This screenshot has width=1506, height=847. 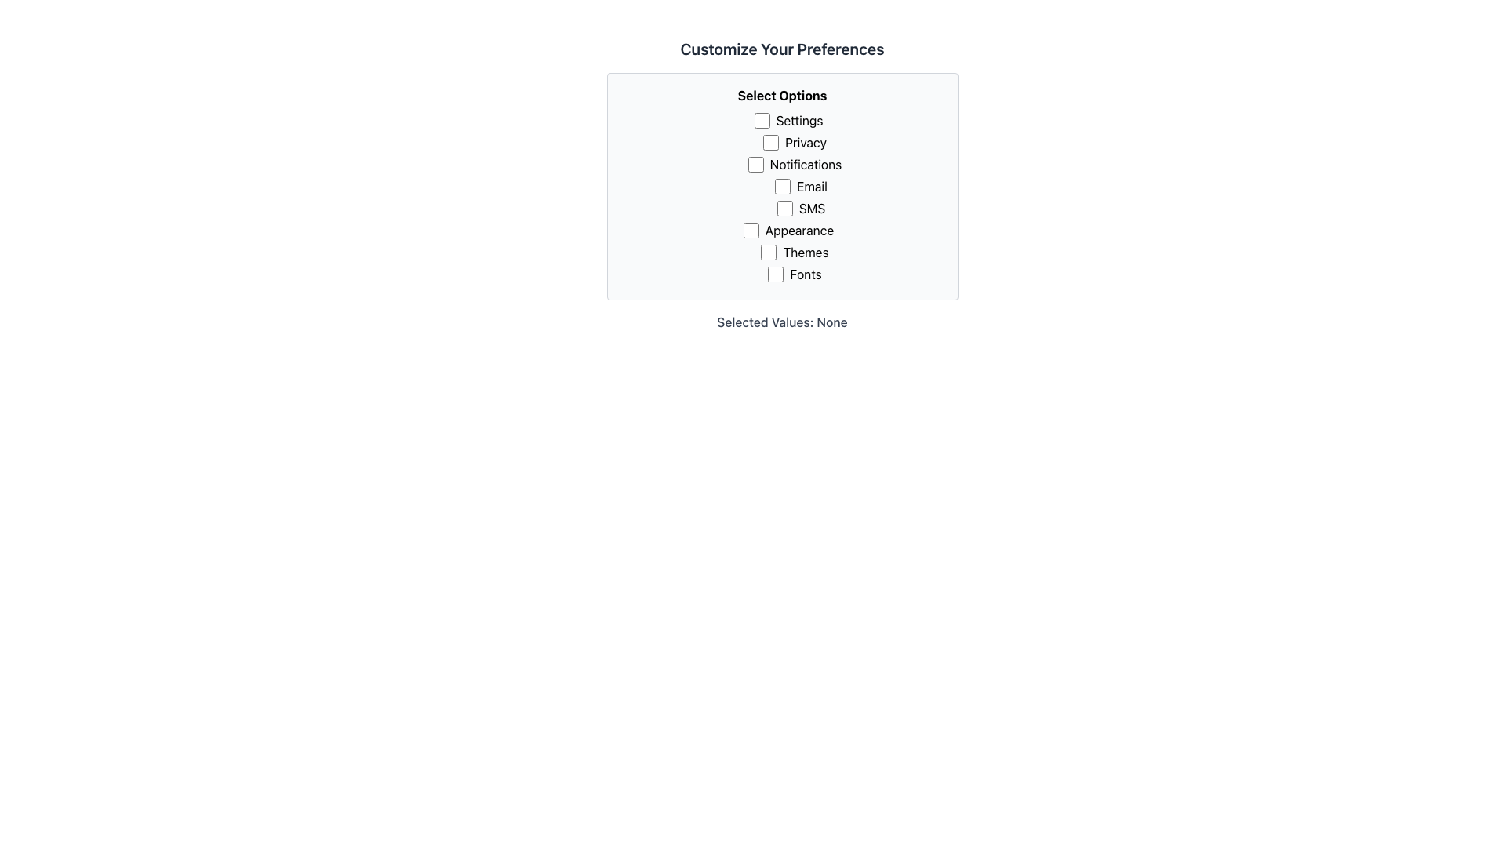 What do you see at coordinates (771, 142) in the screenshot?
I see `the checkbox for 'Privacy', which is the second item` at bounding box center [771, 142].